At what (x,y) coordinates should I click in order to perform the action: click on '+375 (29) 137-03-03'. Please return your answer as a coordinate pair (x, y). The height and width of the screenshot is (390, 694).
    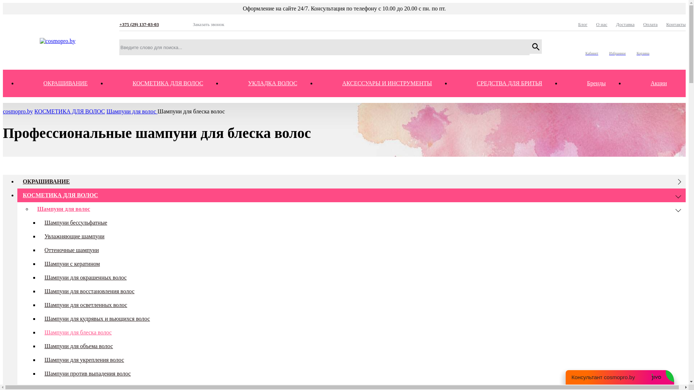
    Looking at the image, I should click on (151, 24).